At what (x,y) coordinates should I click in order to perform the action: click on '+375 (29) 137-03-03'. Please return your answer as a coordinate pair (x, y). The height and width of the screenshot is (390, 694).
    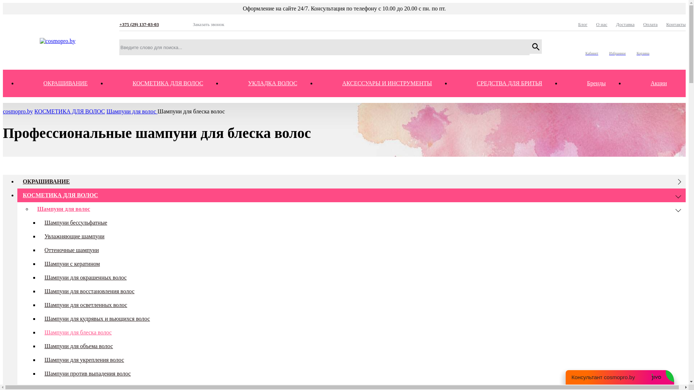
    Looking at the image, I should click on (151, 24).